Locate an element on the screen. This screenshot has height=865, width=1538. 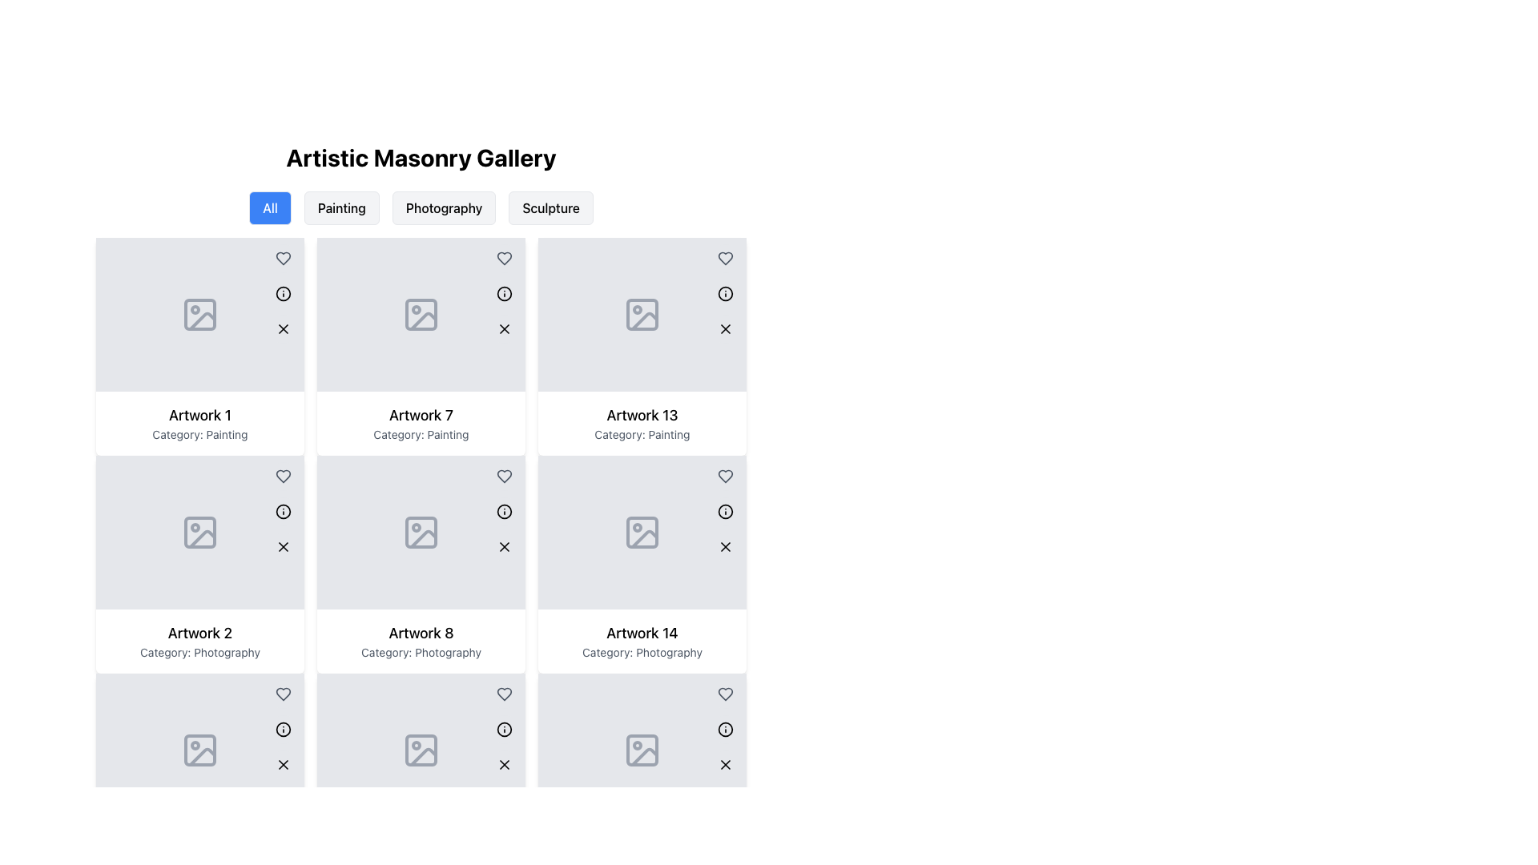
the information button located in the top right corner of the 'Artwork 8' card is located at coordinates (503, 512).